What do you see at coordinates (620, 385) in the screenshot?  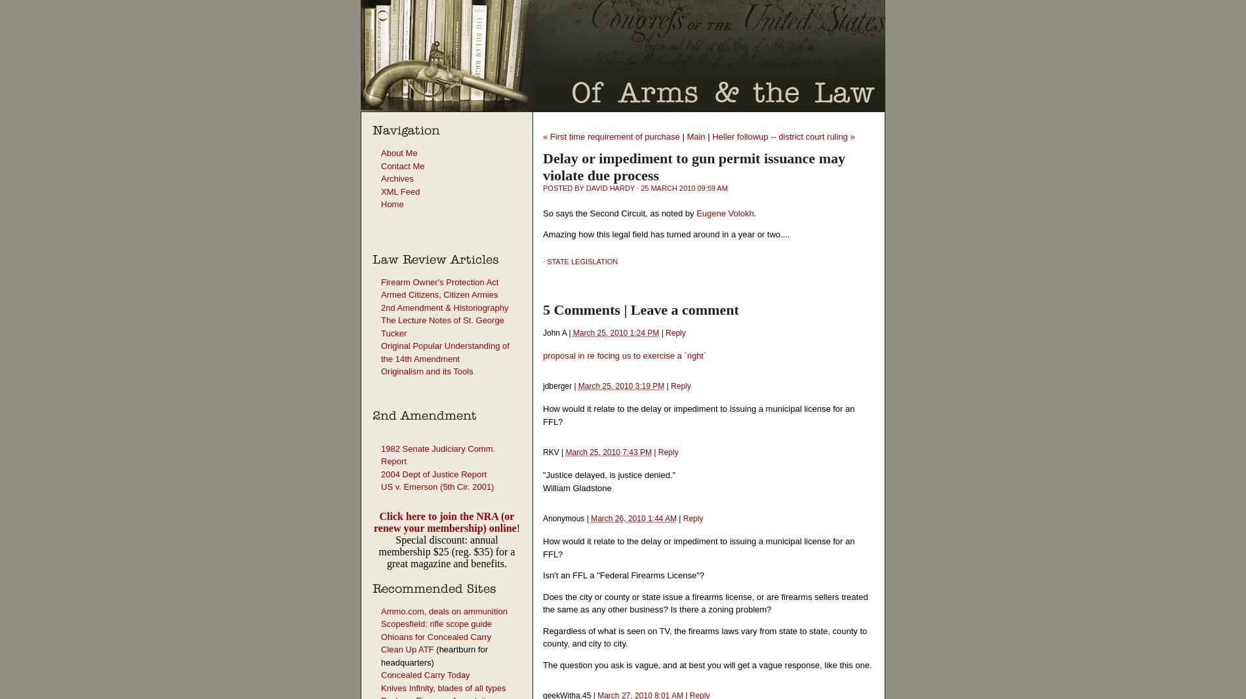 I see `'March 25, 2010  3:19 PM'` at bounding box center [620, 385].